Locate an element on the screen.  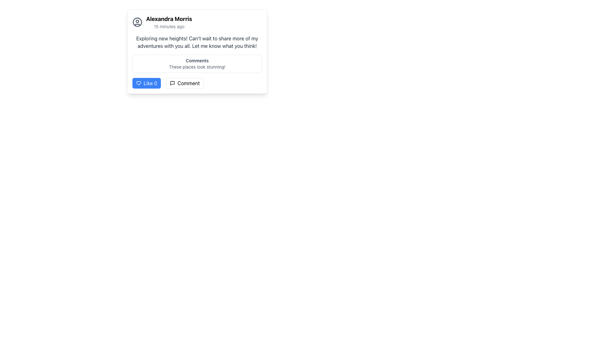
the Text Display element that shows comments or user feedback, located below the 'Comments' label within a rounded border box is located at coordinates (197, 67).